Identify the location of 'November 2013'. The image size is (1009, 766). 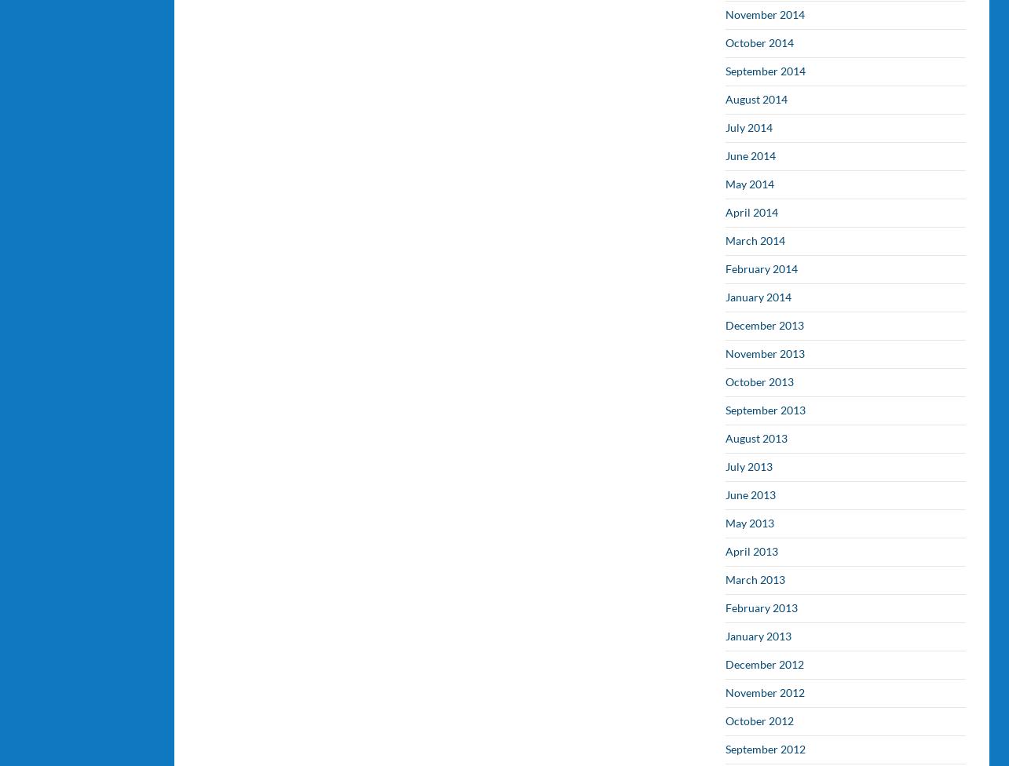
(726, 352).